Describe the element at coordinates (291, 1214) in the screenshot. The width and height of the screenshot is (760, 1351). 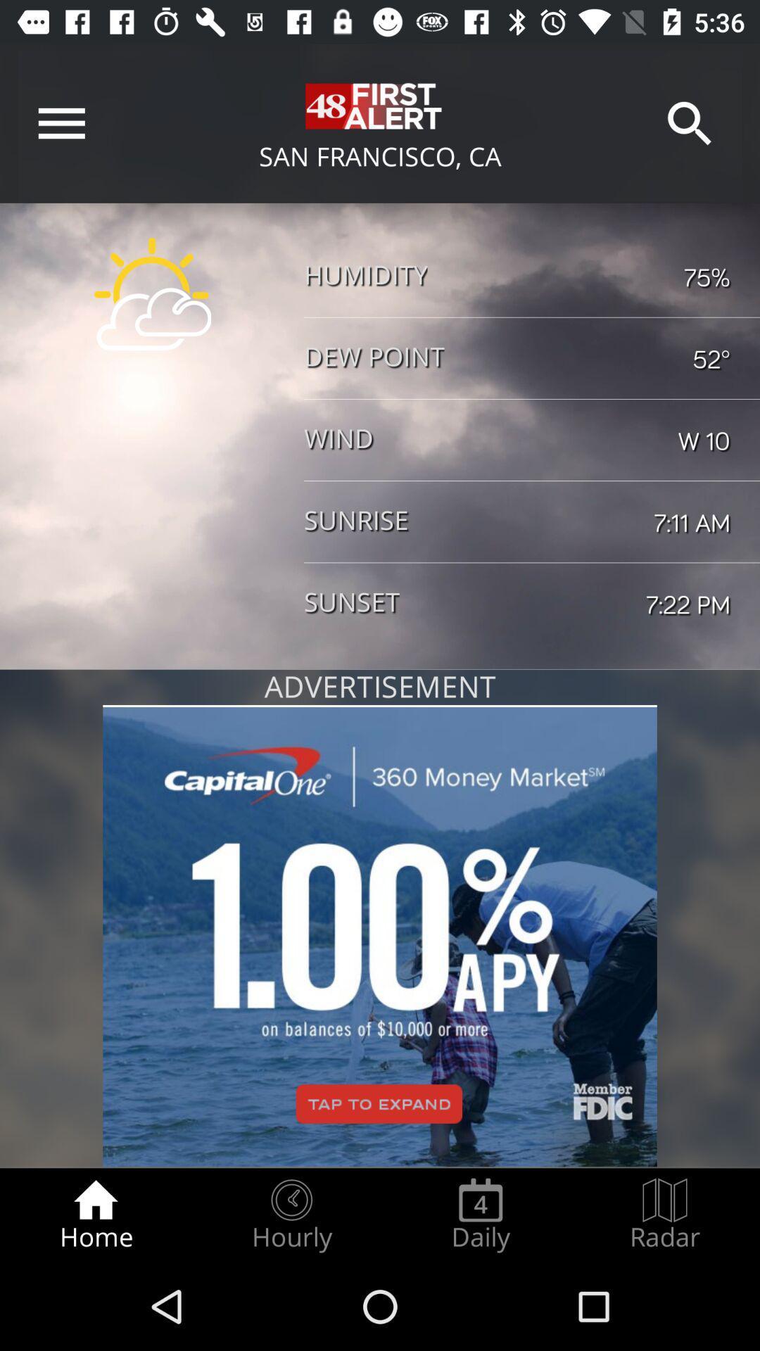
I see `icon to the right of the home icon` at that location.